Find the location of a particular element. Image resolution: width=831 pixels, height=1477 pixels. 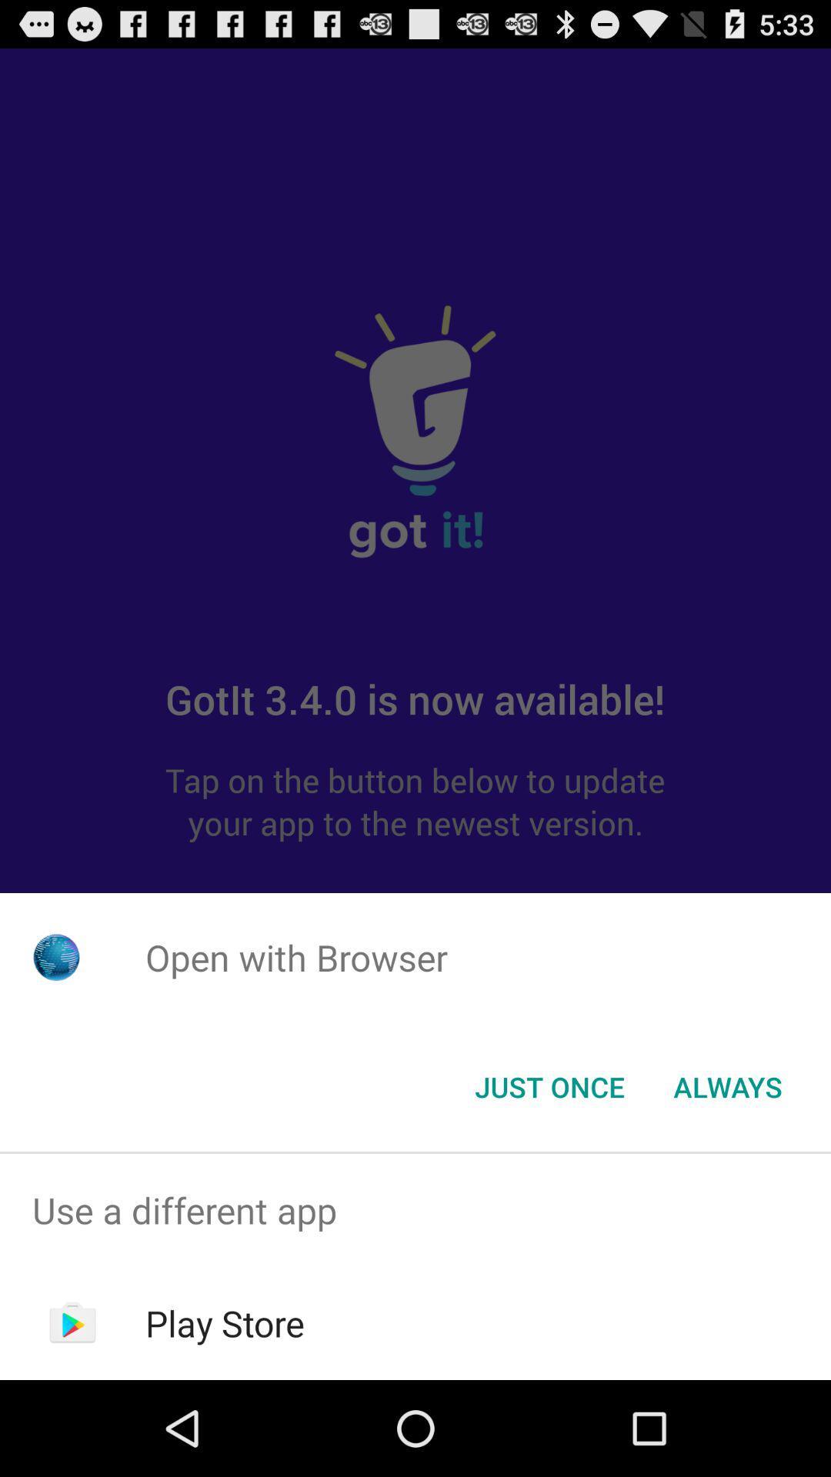

item to the left of the always item is located at coordinates (549, 1085).